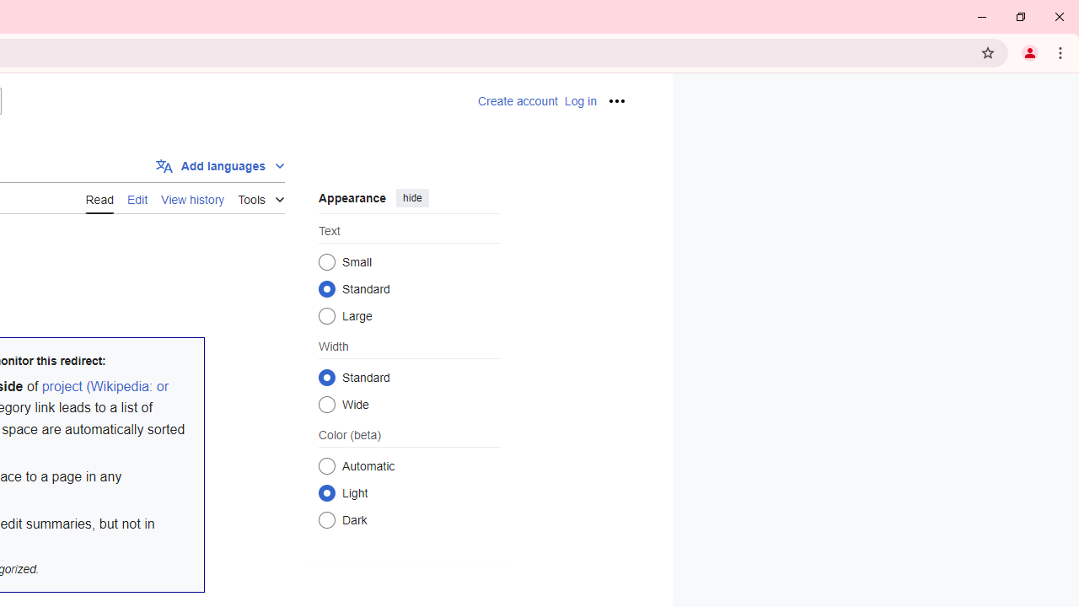 This screenshot has width=1079, height=607. I want to click on 'hide', so click(412, 196).